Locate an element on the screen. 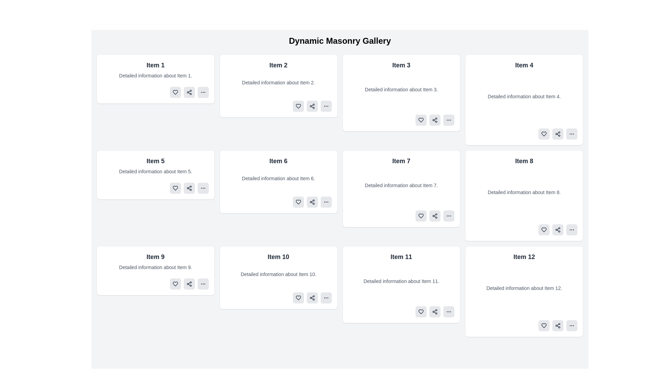  text content styled in light gray, which says 'Detailed information about Item 6.' located beneath the bold title 'Item 6' in the lower-central portion of the white card in the gallery interface is located at coordinates (278, 178).